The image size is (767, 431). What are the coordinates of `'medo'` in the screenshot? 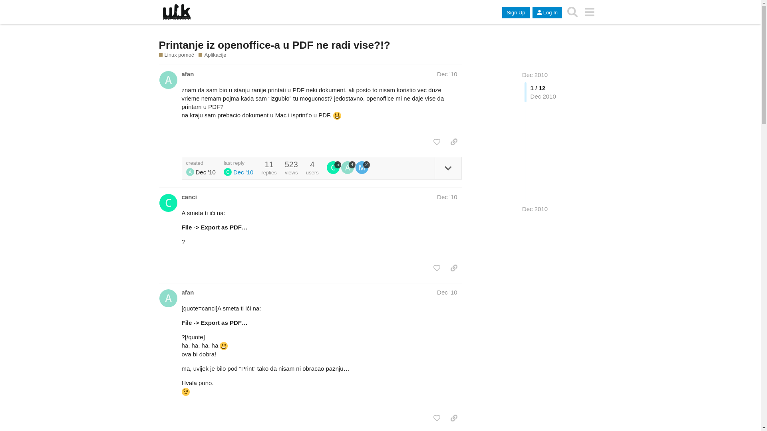 It's located at (362, 167).